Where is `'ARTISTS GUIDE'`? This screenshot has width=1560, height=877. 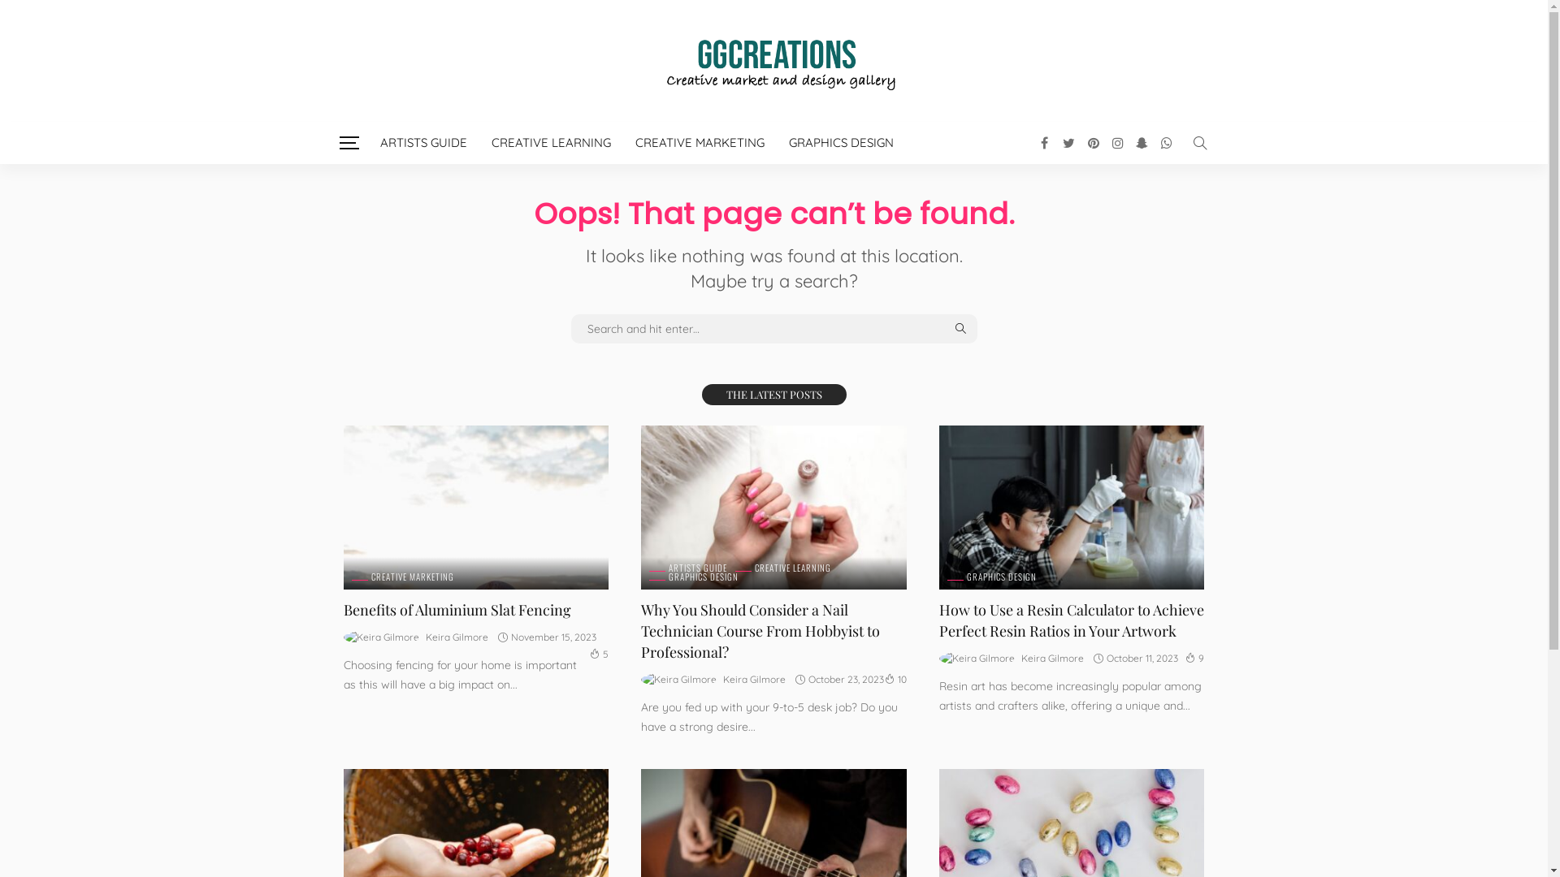
'ARTISTS GUIDE' is located at coordinates (687, 567).